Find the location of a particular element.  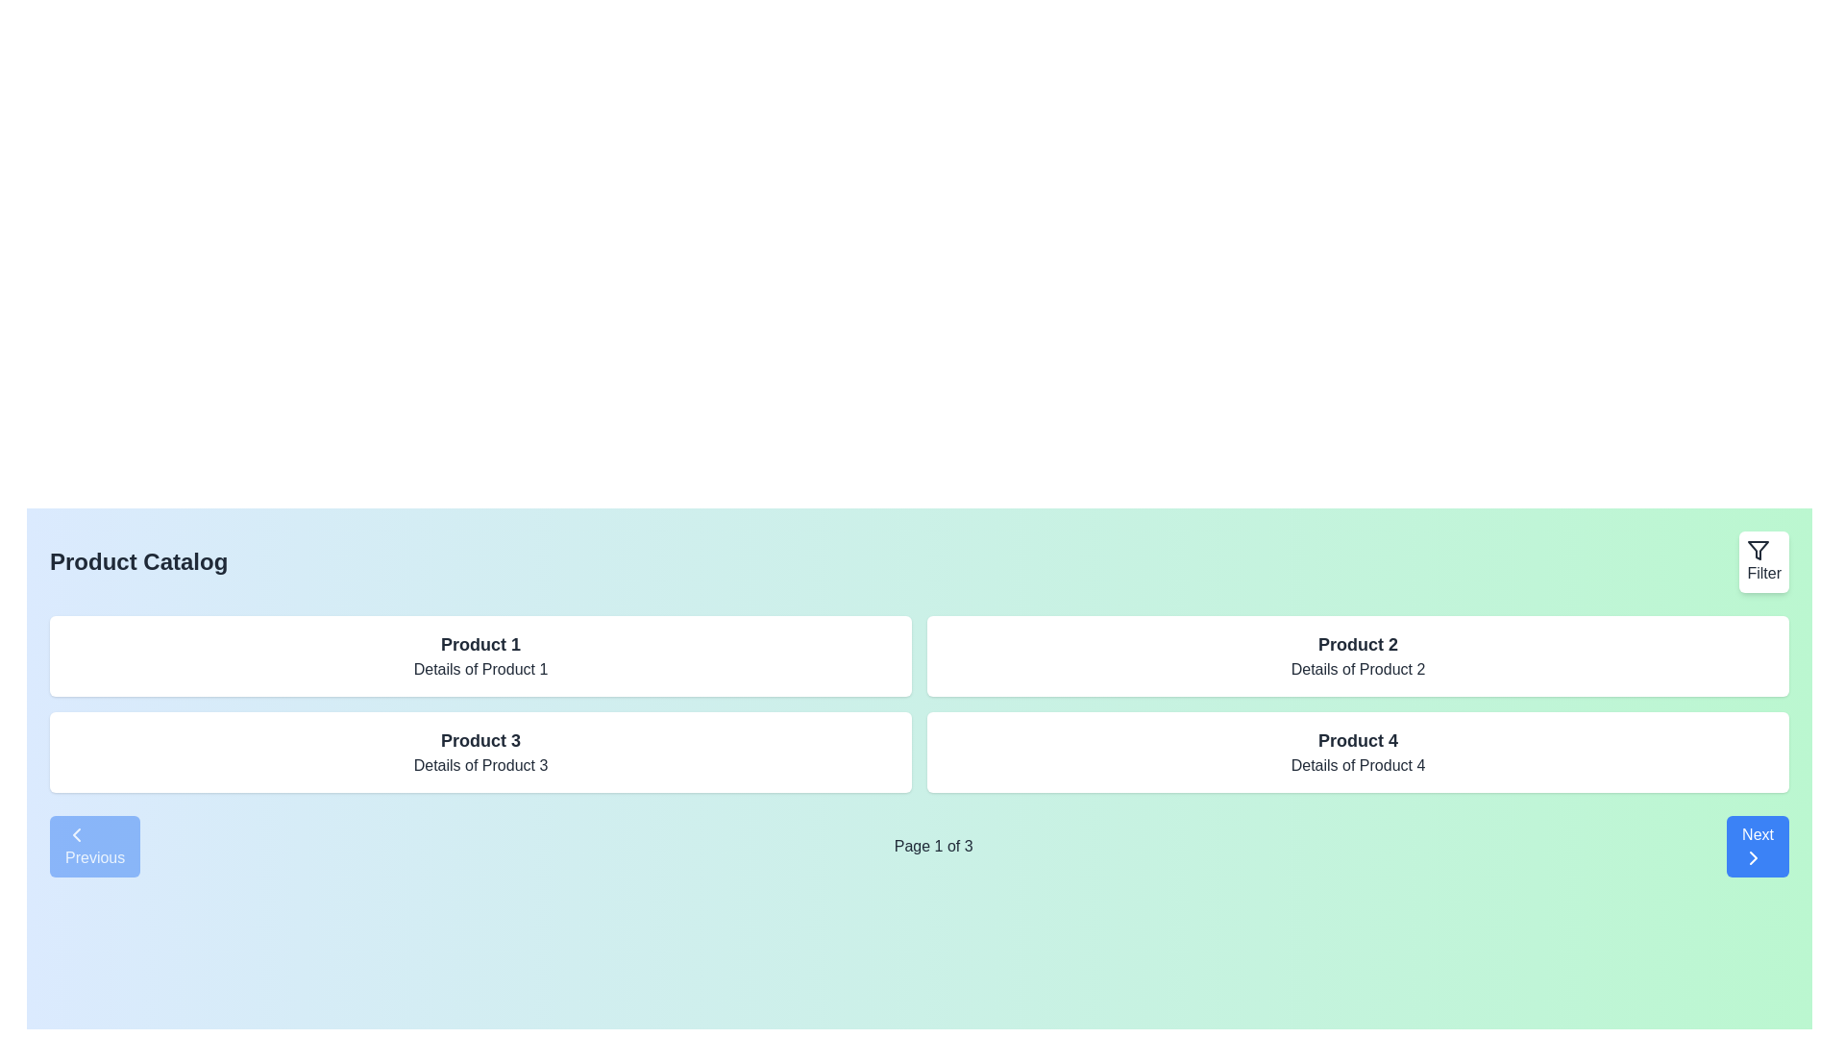

the product title text label located in the first row of the product catalog, positioned above the details of Product 1 is located at coordinates (480, 645).